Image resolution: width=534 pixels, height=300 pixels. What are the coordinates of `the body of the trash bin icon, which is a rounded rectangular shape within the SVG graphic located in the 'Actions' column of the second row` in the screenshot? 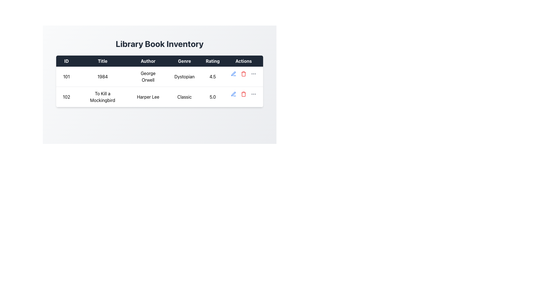 It's located at (243, 94).